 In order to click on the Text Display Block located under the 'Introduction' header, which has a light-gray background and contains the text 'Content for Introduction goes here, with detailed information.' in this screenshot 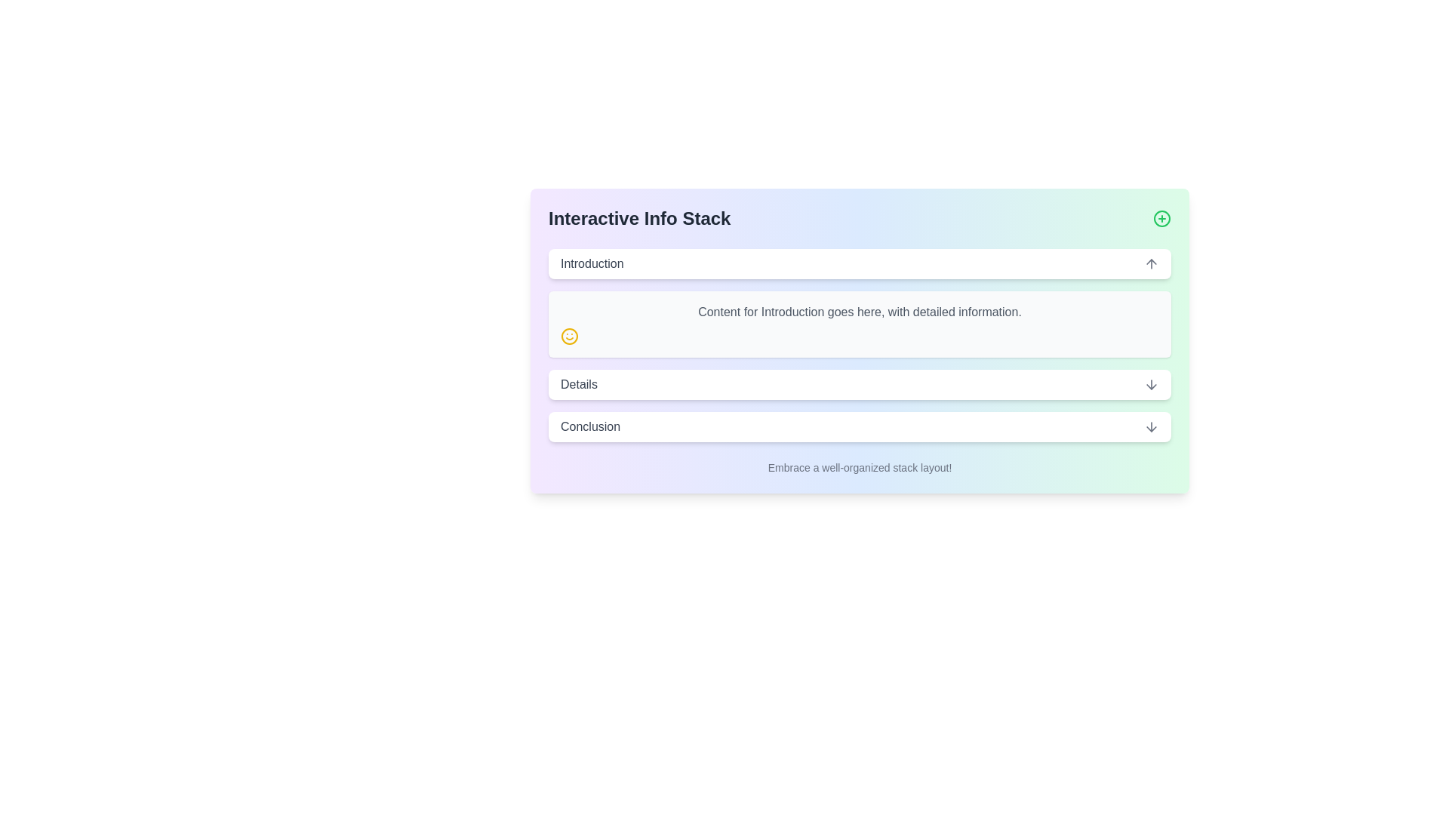, I will do `click(860, 323)`.